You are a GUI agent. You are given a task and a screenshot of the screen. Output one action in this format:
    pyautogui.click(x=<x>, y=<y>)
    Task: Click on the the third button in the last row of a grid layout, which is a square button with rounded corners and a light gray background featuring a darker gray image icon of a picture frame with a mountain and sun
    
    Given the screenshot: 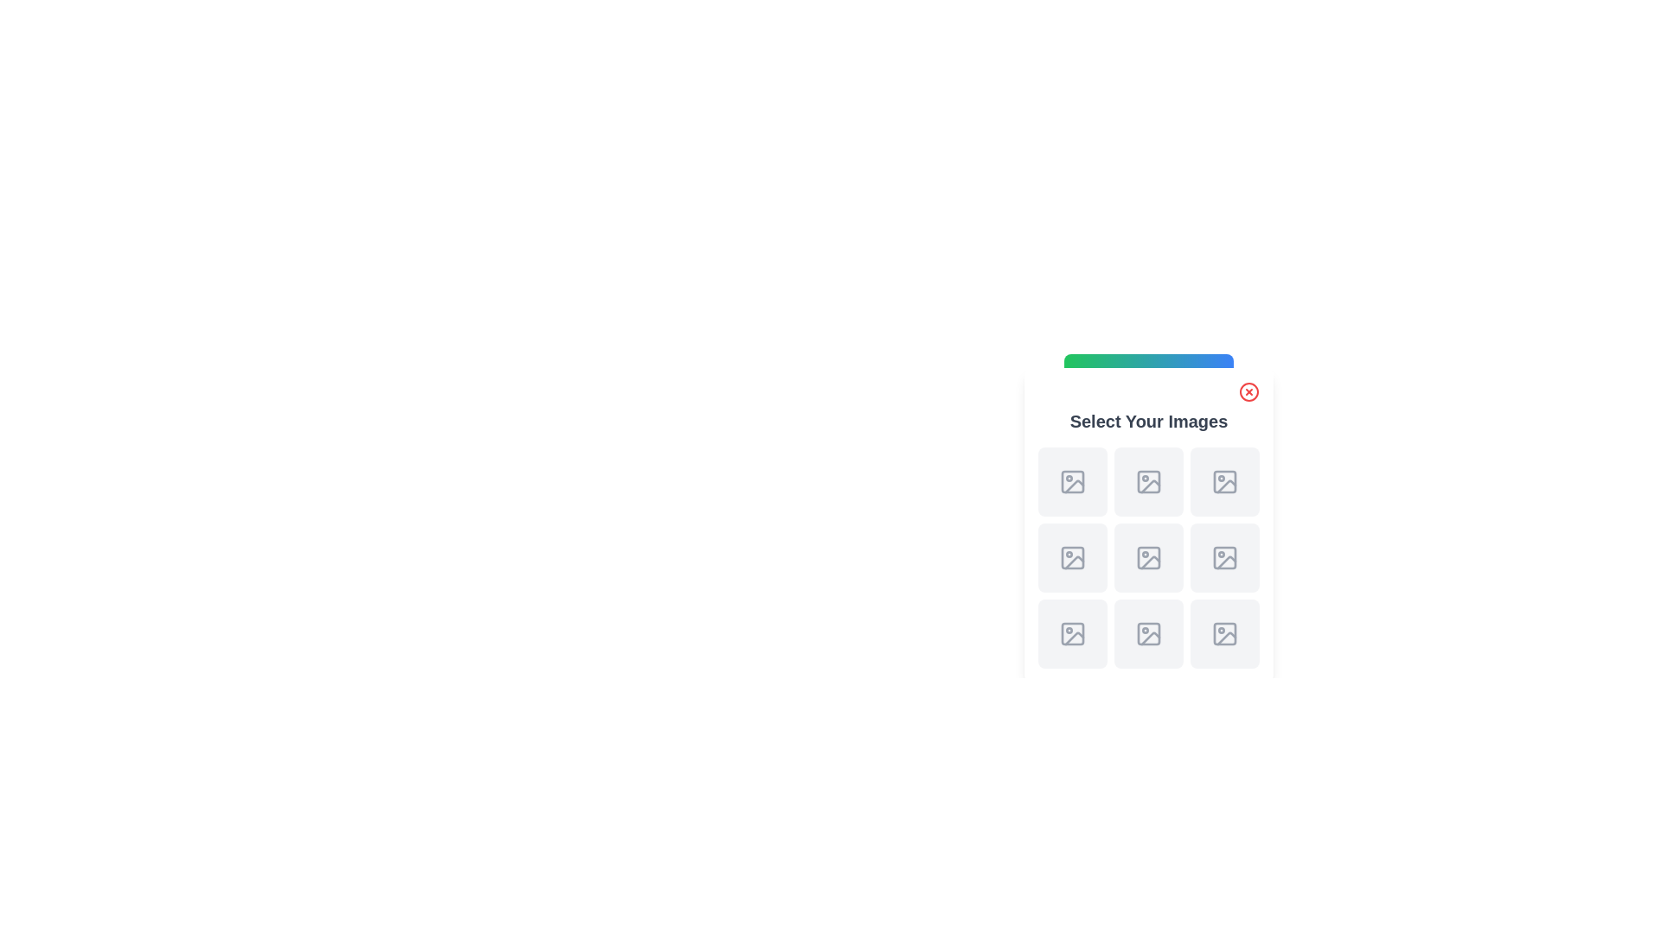 What is the action you would take?
    pyautogui.click(x=1223, y=633)
    